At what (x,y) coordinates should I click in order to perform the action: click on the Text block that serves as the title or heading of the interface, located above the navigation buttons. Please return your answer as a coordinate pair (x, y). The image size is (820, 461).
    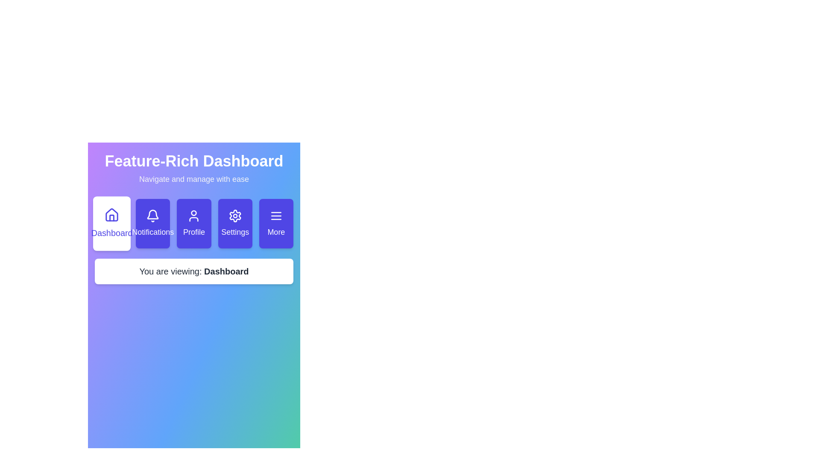
    Looking at the image, I should click on (193, 169).